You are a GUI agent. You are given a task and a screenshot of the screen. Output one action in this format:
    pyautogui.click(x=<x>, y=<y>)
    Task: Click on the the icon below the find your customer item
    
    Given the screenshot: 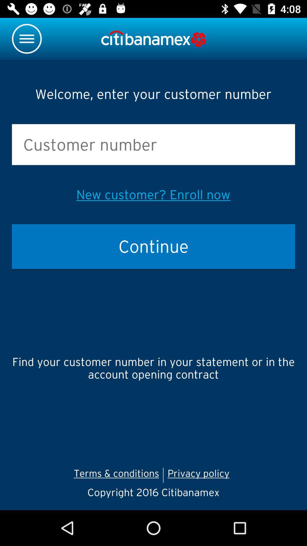 What is the action you would take?
    pyautogui.click(x=116, y=475)
    